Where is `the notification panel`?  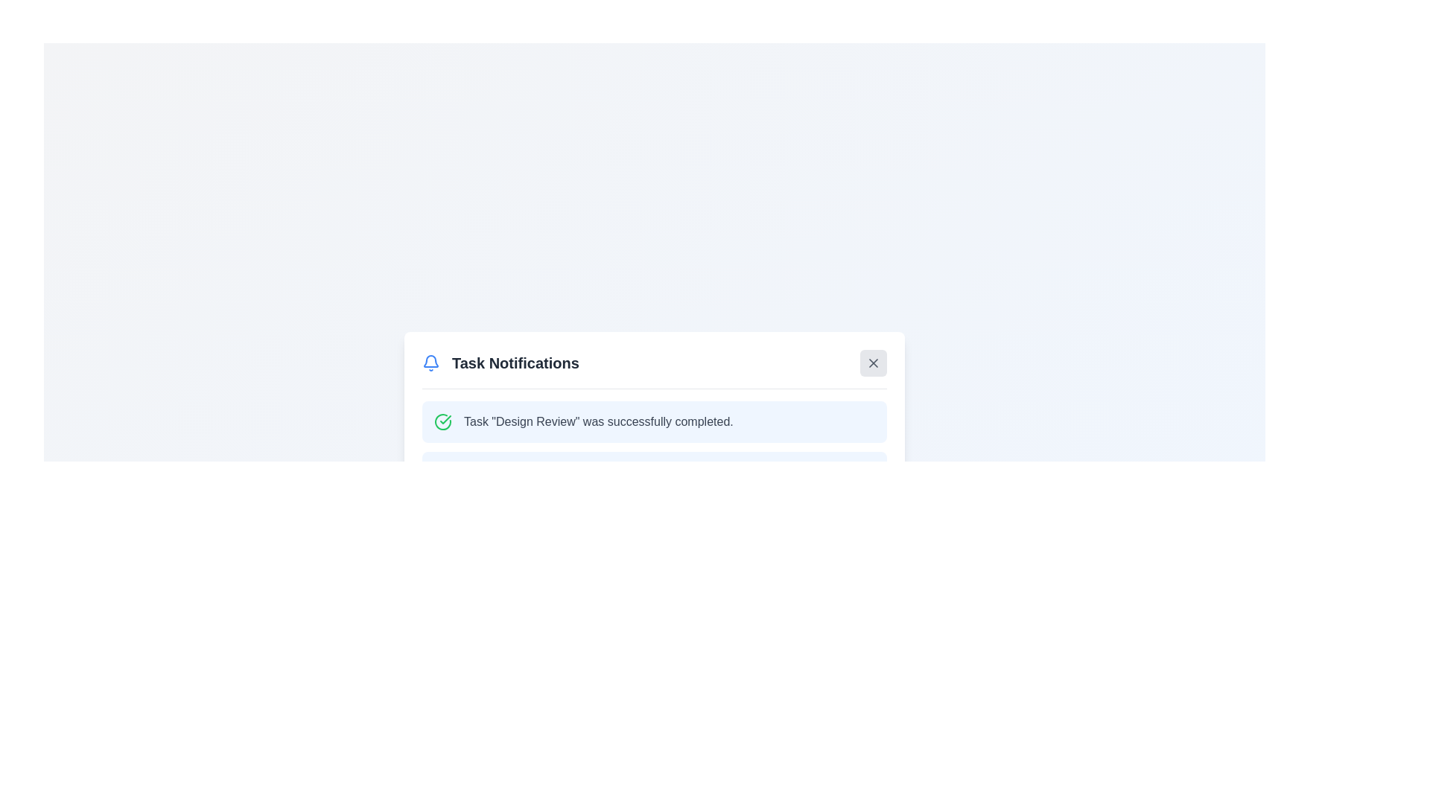 the notification panel is located at coordinates (654, 444).